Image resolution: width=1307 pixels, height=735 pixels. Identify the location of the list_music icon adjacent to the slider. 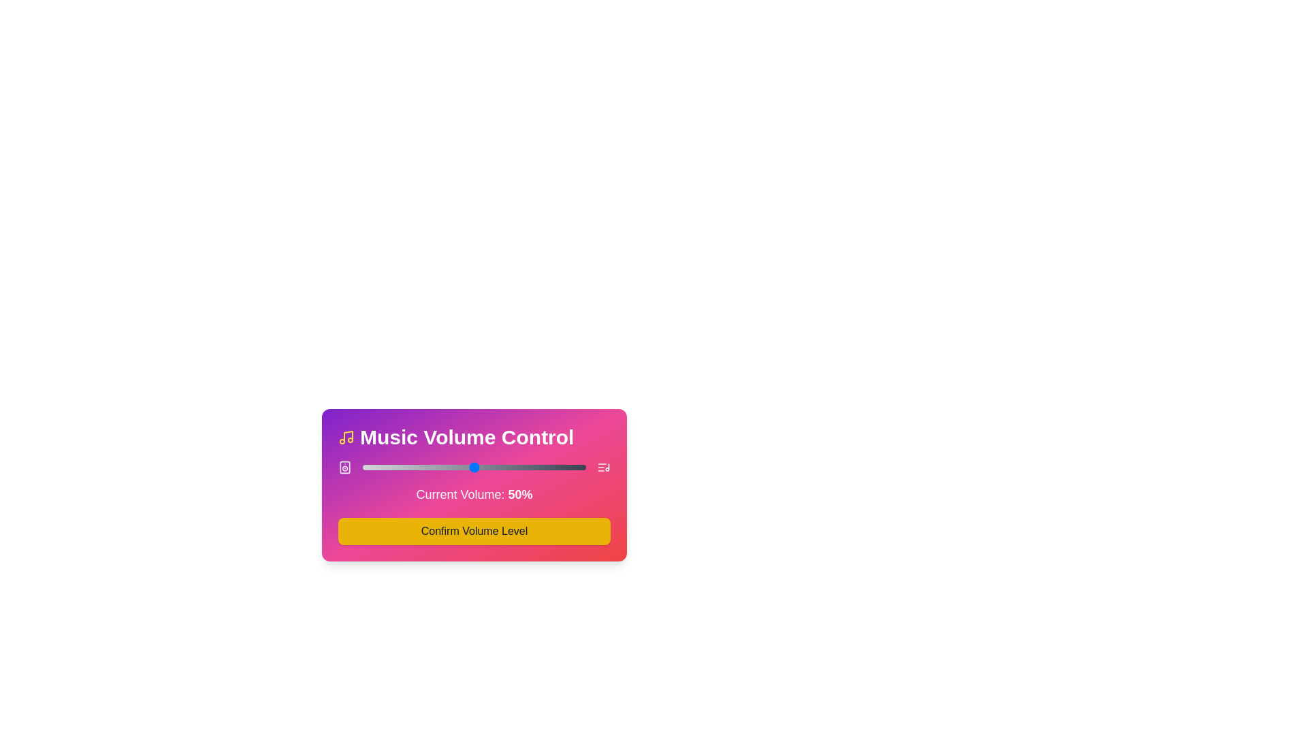
(603, 466).